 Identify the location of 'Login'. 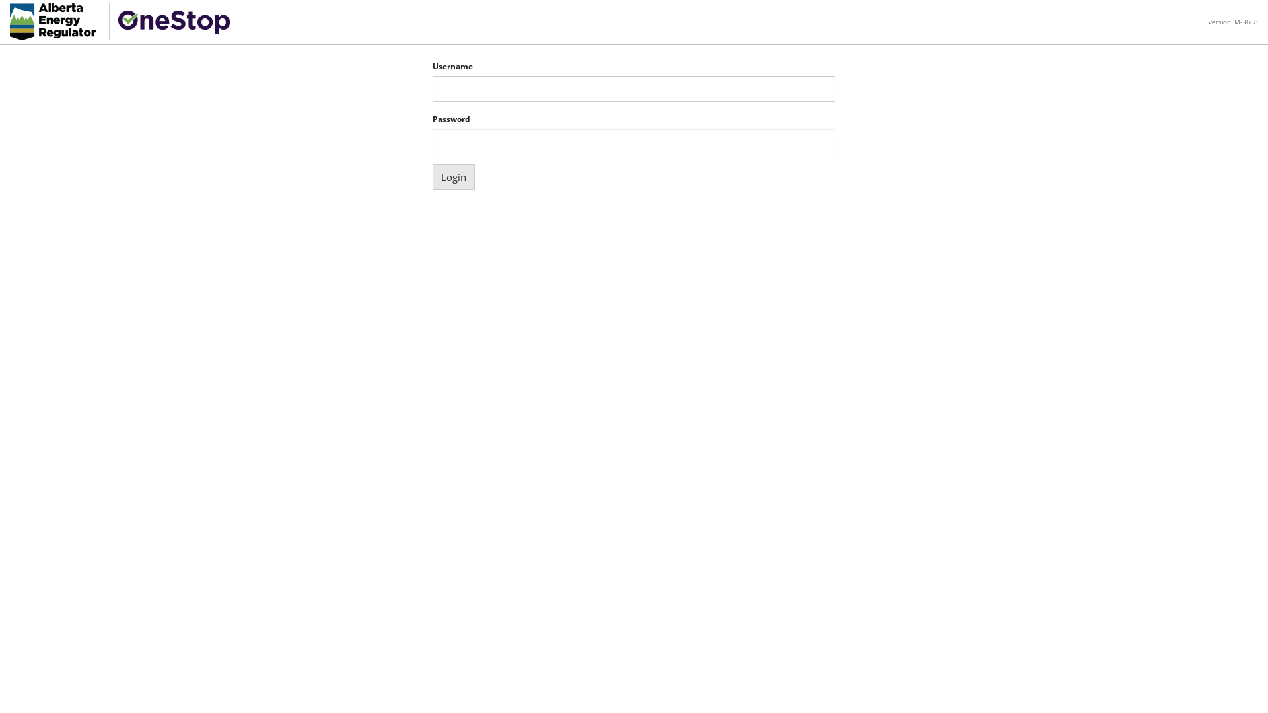
(432, 176).